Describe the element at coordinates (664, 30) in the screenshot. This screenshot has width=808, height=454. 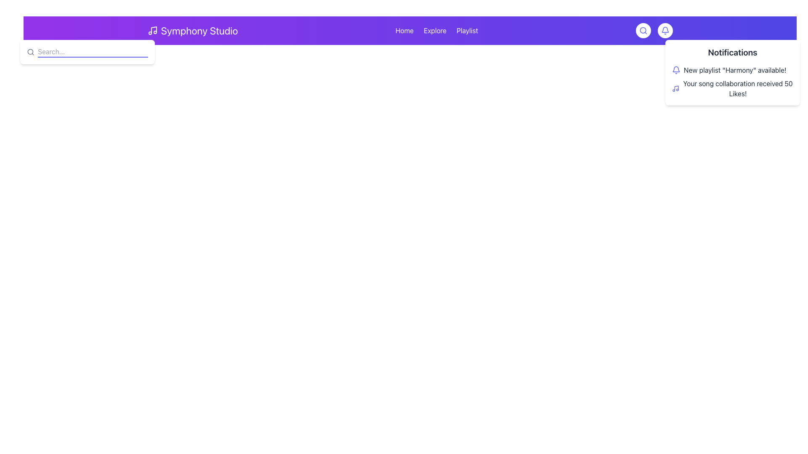
I see `the notification indicator icon located in the top-right corner of the interface` at that location.